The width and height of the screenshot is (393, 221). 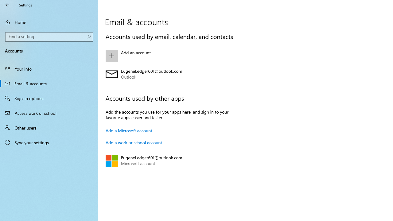 I want to click on 'Add a Microsoft account', so click(x=129, y=130).